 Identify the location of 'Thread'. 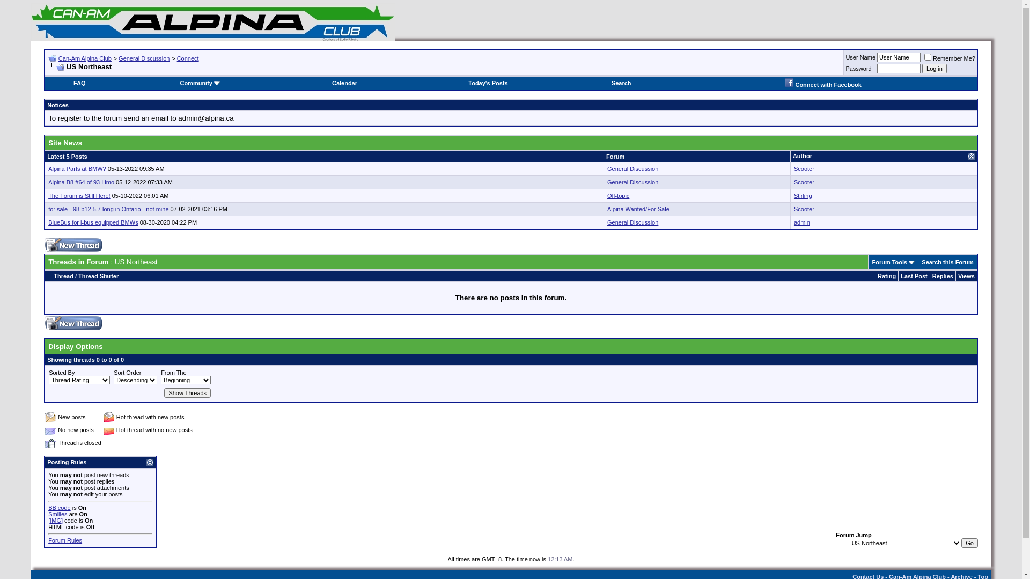
(63, 276).